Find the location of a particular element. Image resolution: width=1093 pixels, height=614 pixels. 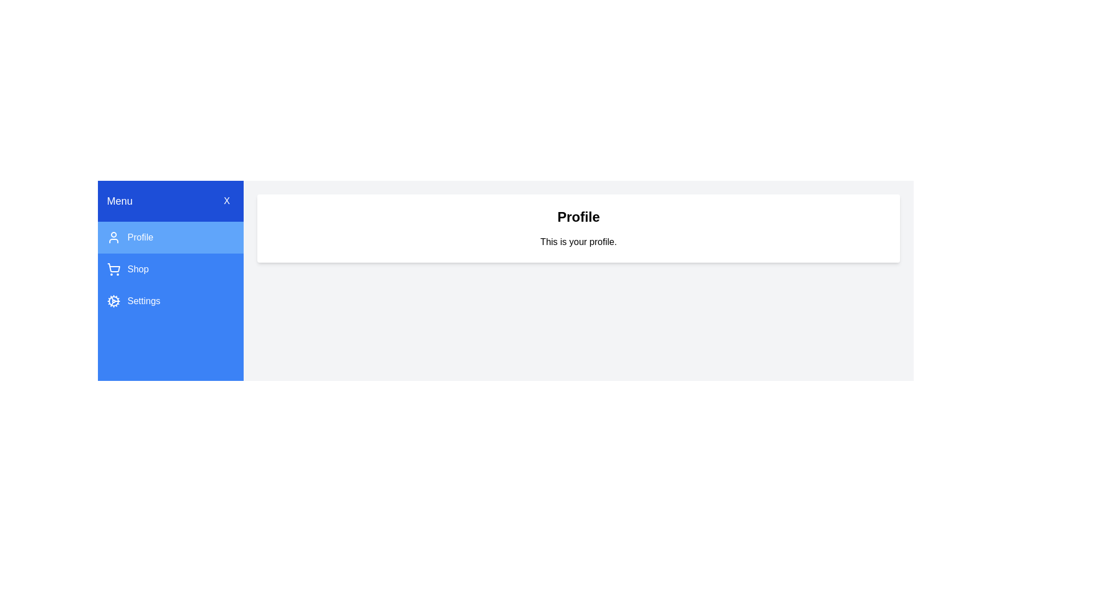

the 'X' button to close the drawer is located at coordinates (227, 201).